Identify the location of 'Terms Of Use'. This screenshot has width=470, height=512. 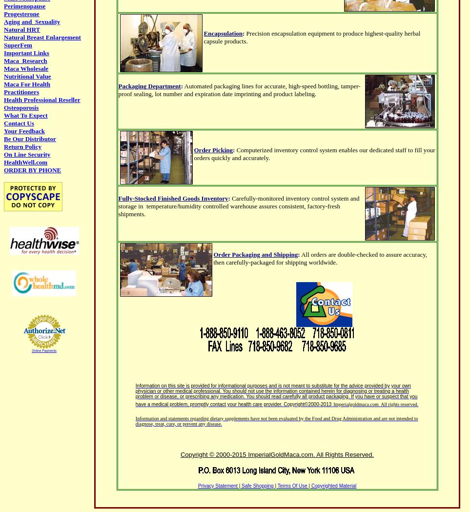
(292, 485).